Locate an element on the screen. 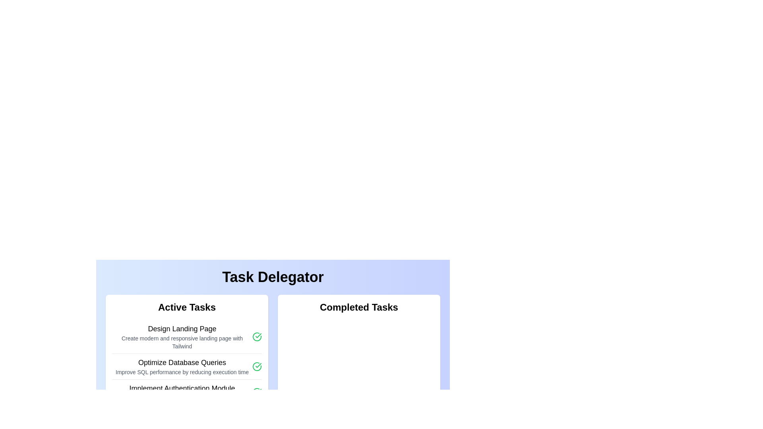  text element displaying 'Task Delegator', which is styled in bold and large font at the top-center of the interface is located at coordinates (273, 277).